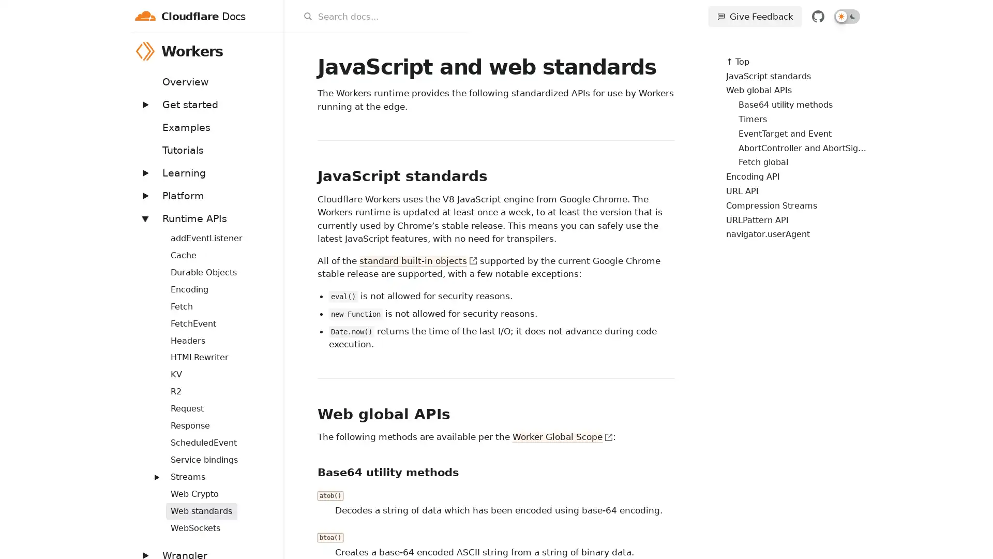 The image size is (993, 559). Describe the element at coordinates (270, 51) in the screenshot. I see `Workers menu` at that location.